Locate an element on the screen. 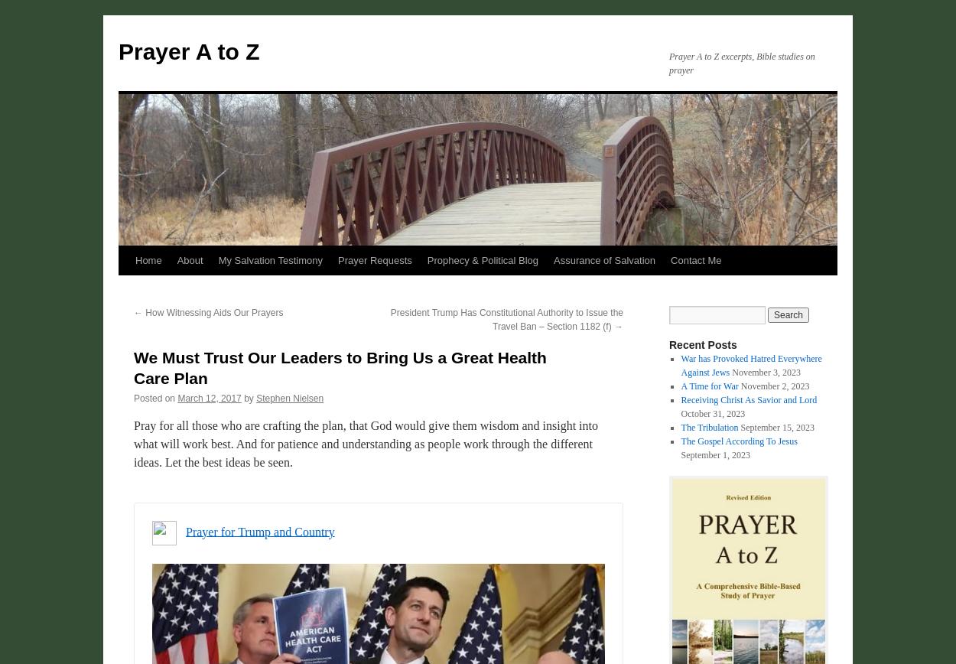 This screenshot has height=664, width=956. 'A Time for War' is located at coordinates (709, 386).